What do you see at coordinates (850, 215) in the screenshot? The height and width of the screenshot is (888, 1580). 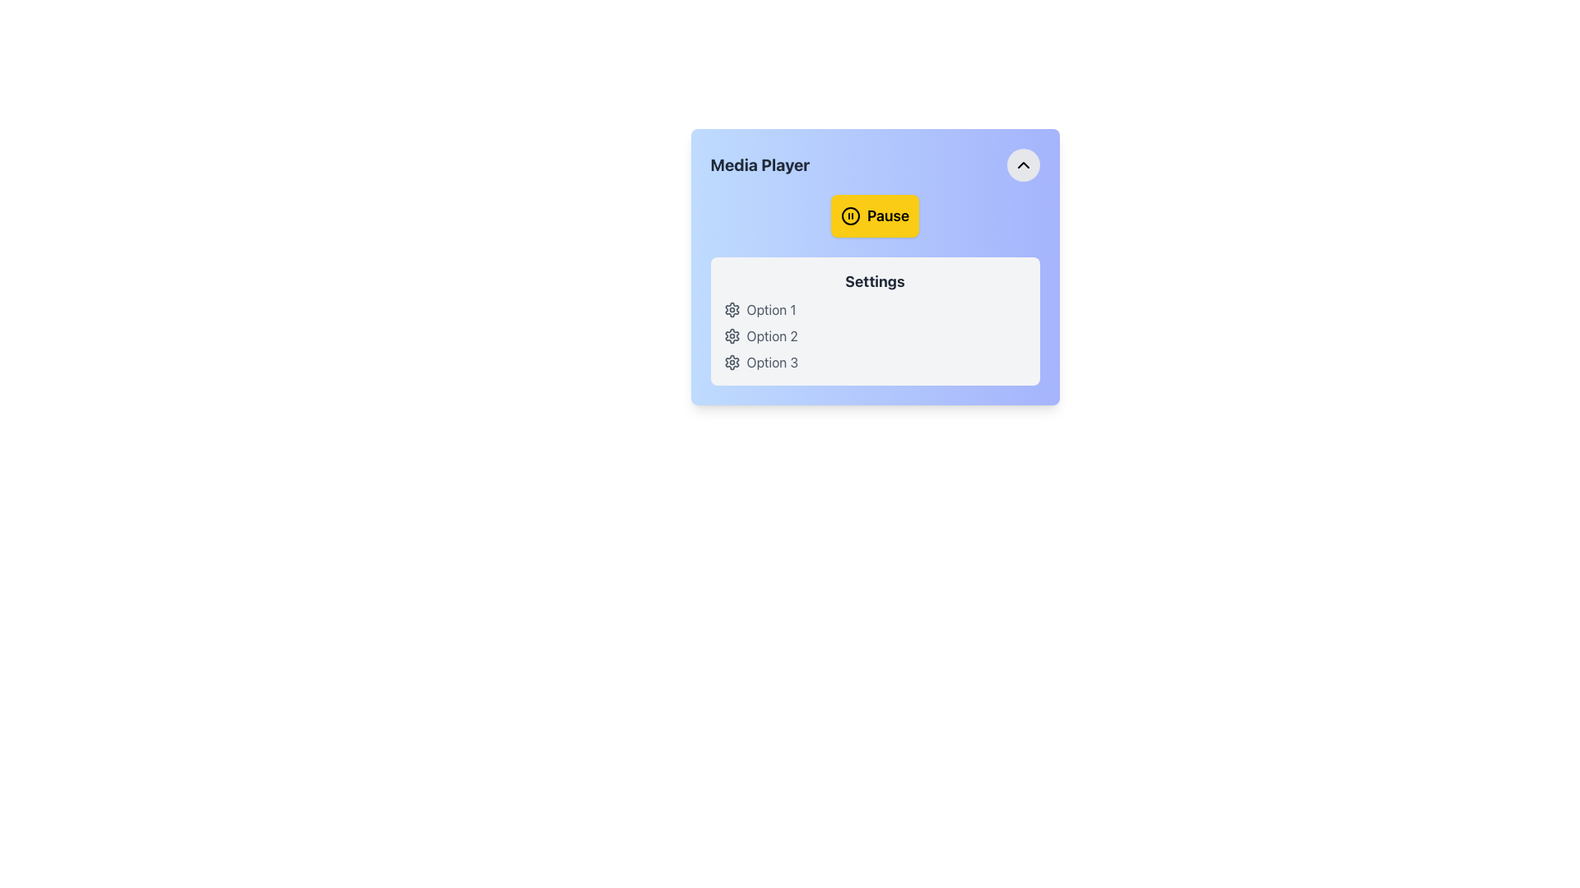 I see `the circular pause icon with a yellow background and black stroke, located next to the 'Pause' text on the yellow button` at bounding box center [850, 215].